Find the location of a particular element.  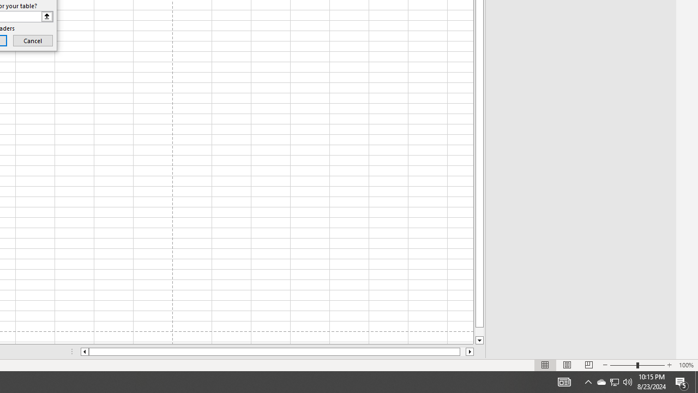

'Page right' is located at coordinates (462, 352).